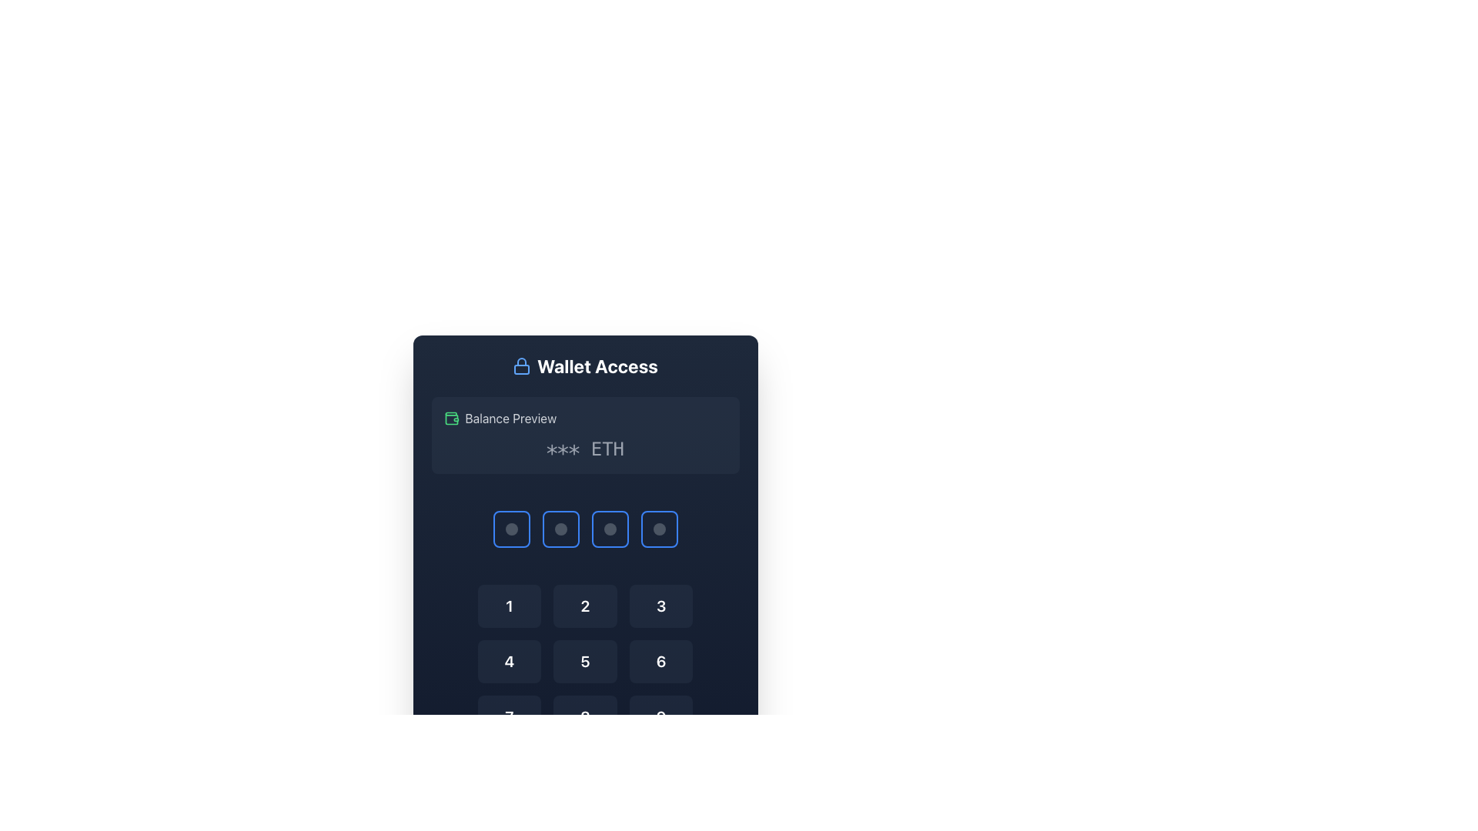 The width and height of the screenshot is (1478, 831). What do you see at coordinates (584, 436) in the screenshot?
I see `the Informative panel displaying the cryptocurrency balance (ETH) located below the 'Wallet Access' heading and above the PIN input grid` at bounding box center [584, 436].